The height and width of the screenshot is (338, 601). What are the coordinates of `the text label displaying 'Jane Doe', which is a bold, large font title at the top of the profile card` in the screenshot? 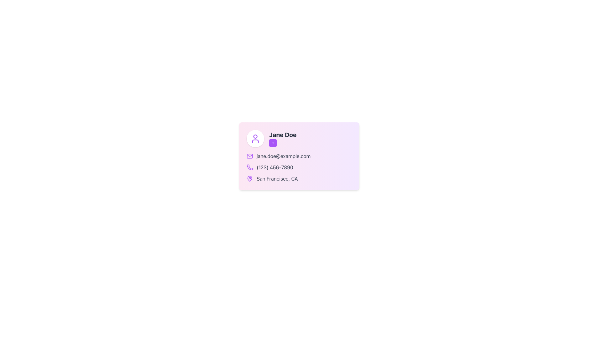 It's located at (282, 135).